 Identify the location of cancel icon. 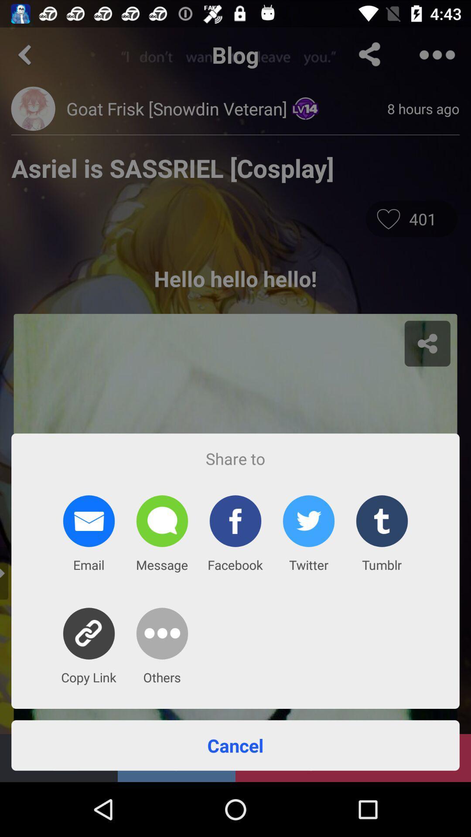
(235, 745).